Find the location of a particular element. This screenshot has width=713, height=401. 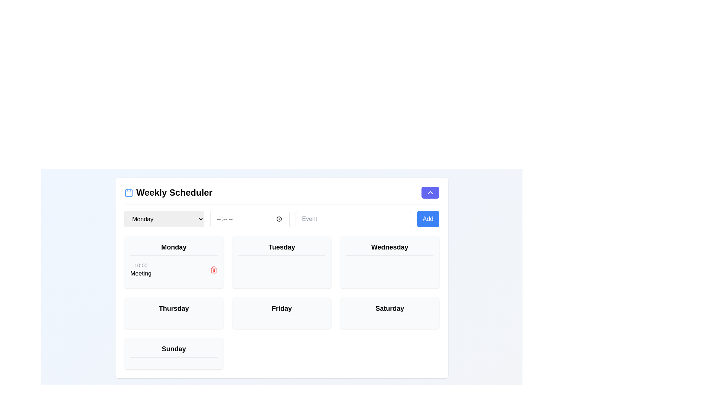

time displayed on the Text label that shows '10:00', located at the top of the 'Monday' group is located at coordinates (141, 265).